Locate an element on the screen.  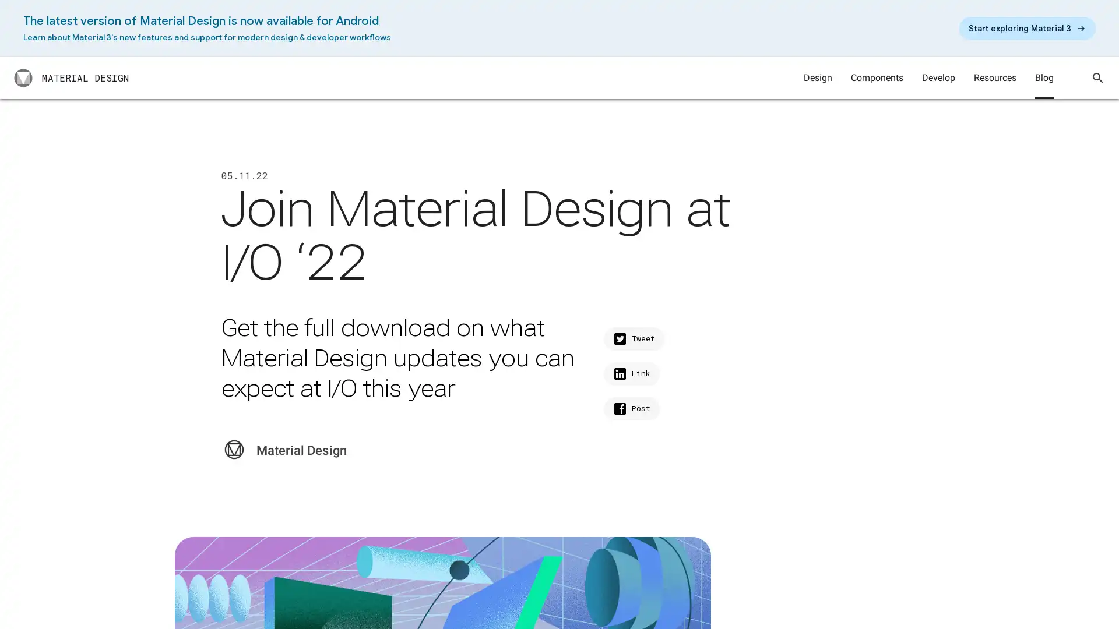
arrow_right_alt is located at coordinates (1027, 28).